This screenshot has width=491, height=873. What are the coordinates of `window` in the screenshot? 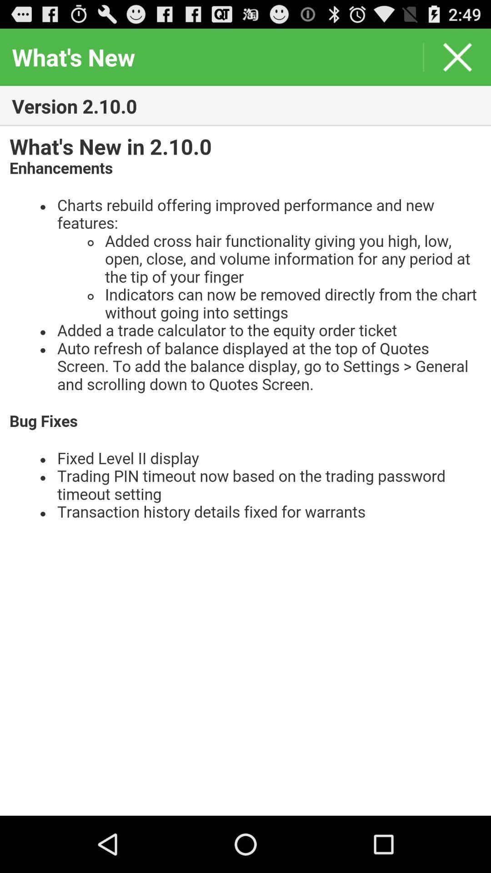 It's located at (457, 56).